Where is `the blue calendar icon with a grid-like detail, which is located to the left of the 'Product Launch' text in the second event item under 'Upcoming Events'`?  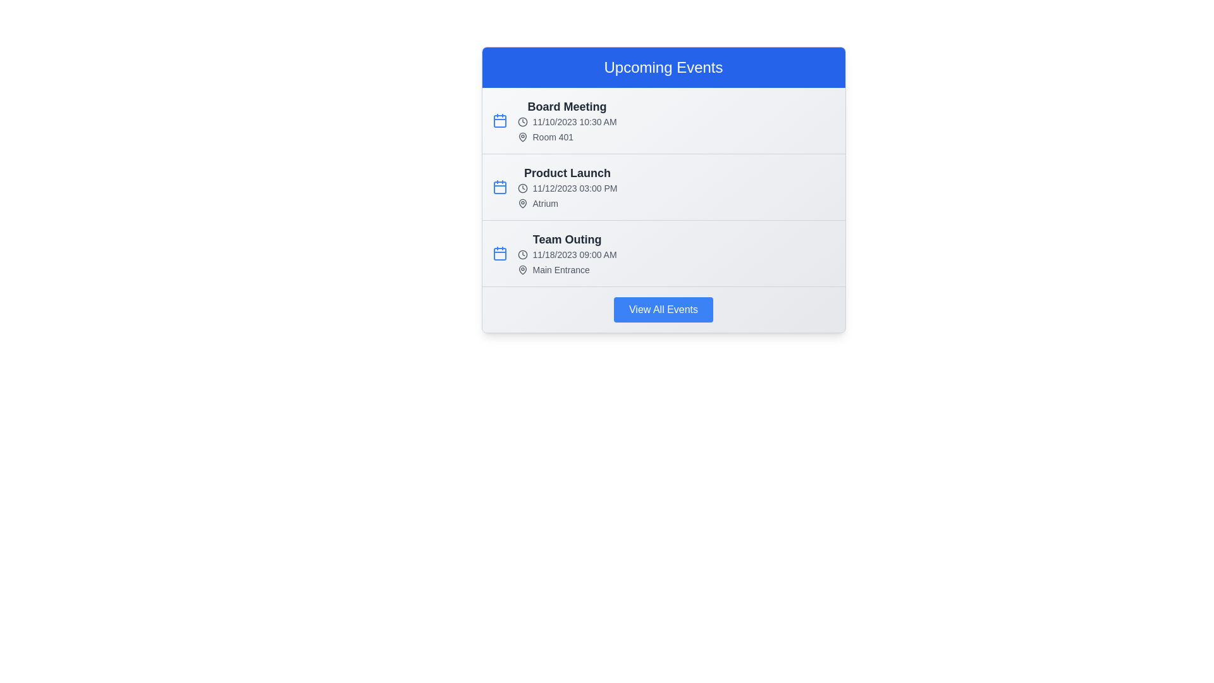
the blue calendar icon with a grid-like detail, which is located to the left of the 'Product Launch' text in the second event item under 'Upcoming Events' is located at coordinates (499, 187).